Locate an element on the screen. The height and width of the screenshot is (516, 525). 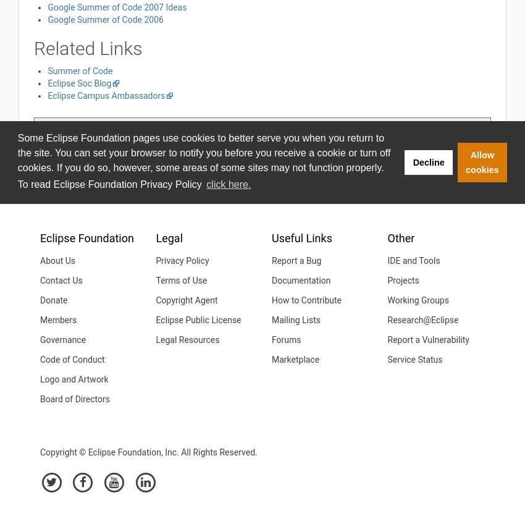
'click here.' is located at coordinates (228, 183).